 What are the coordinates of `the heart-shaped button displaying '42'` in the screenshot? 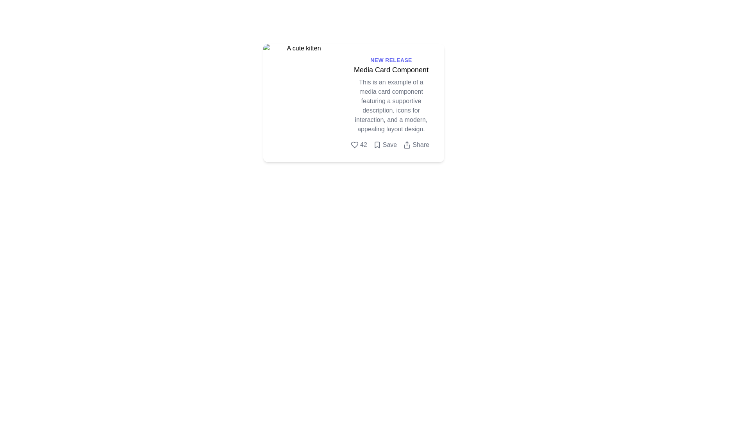 It's located at (358, 145).